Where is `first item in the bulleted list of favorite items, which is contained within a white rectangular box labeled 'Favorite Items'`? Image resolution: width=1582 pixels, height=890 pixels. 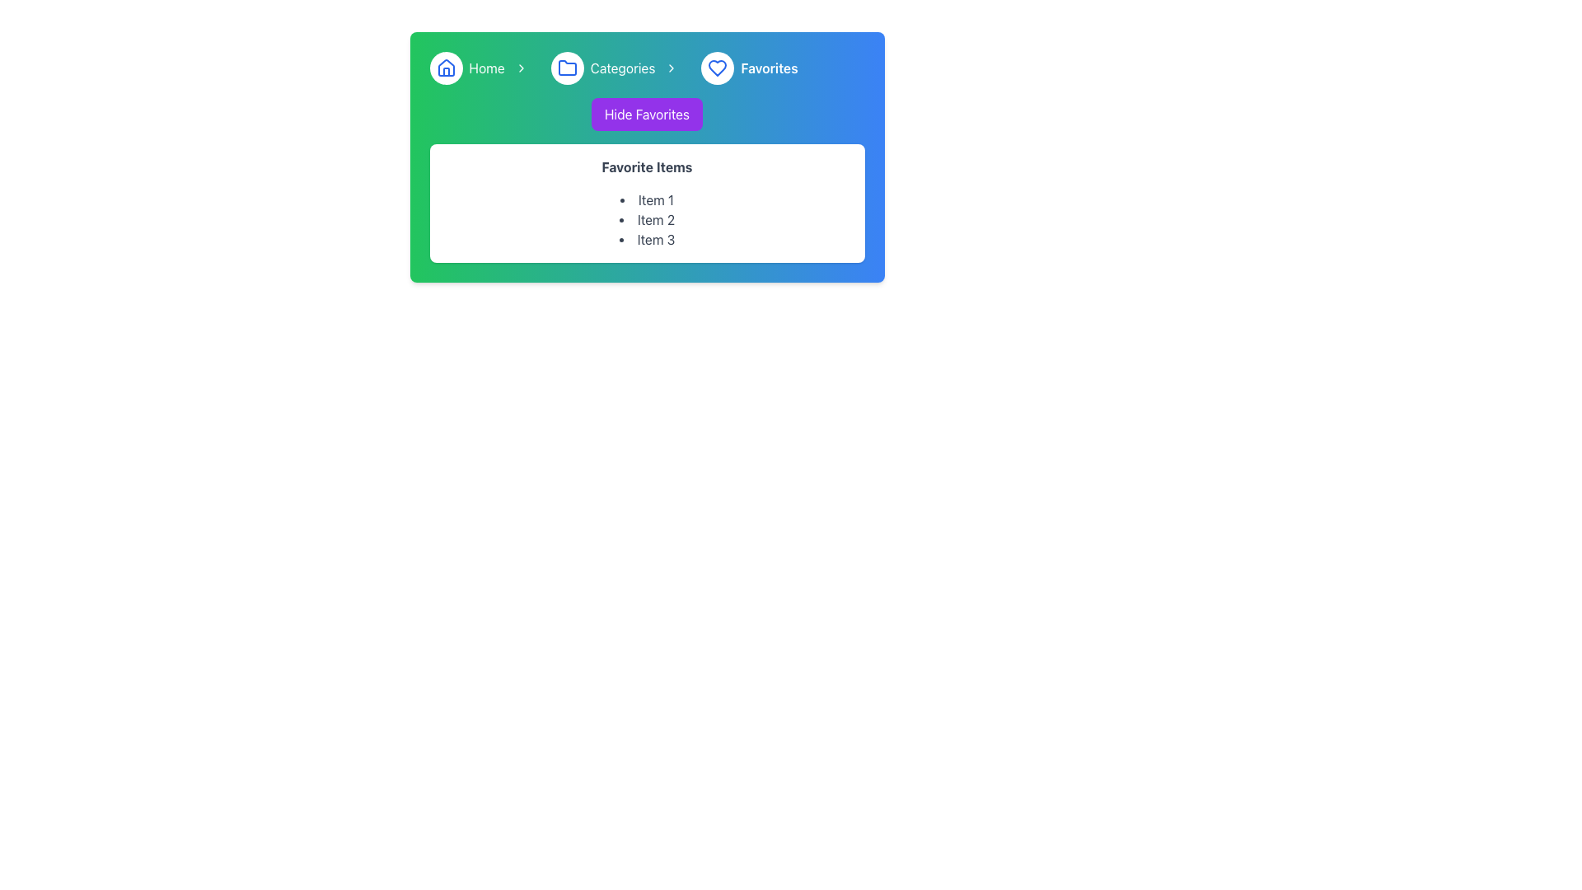
first item in the bulleted list of favorite items, which is contained within a white rectangular box labeled 'Favorite Items' is located at coordinates (646, 199).